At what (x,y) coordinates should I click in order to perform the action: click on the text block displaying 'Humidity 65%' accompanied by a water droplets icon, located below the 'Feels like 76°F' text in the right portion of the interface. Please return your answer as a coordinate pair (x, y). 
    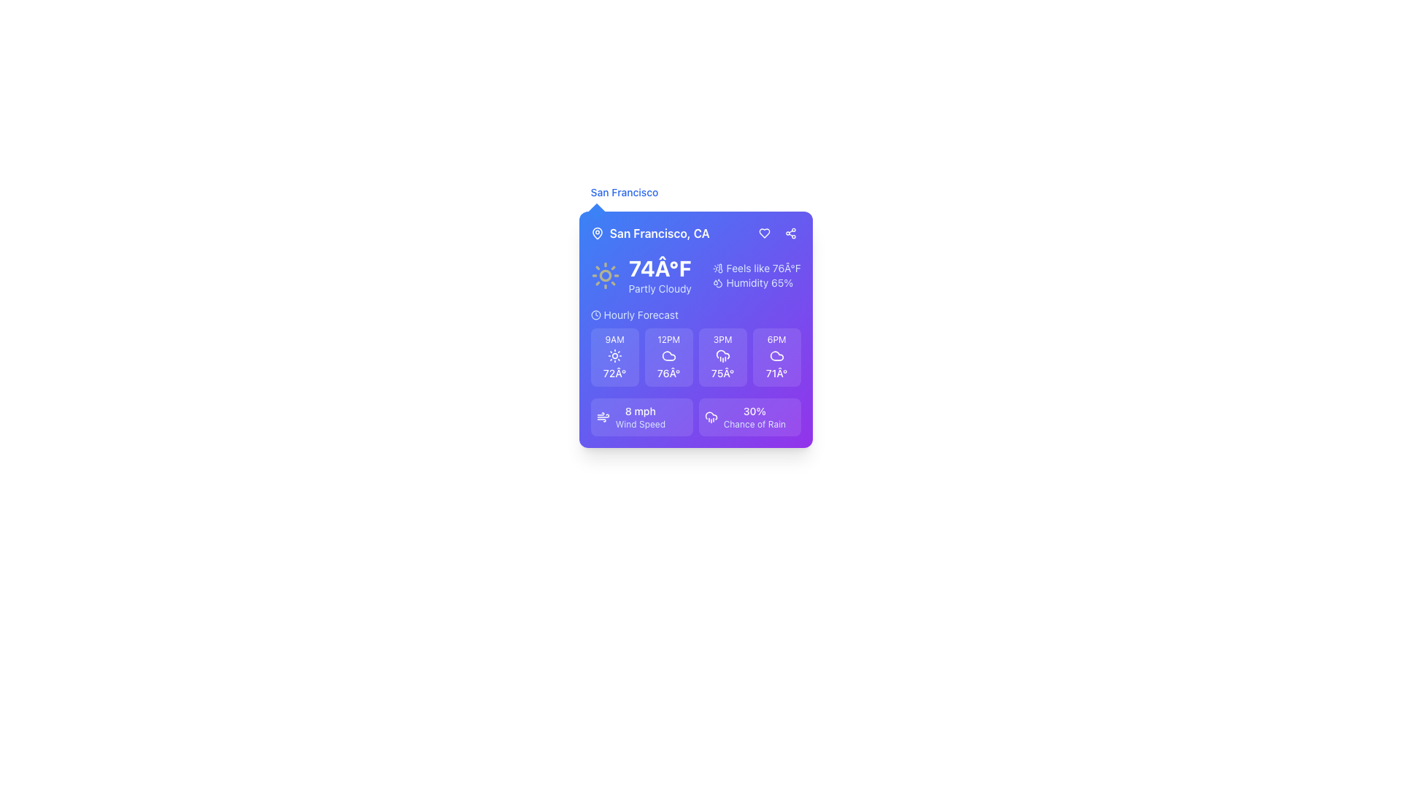
    Looking at the image, I should click on (757, 283).